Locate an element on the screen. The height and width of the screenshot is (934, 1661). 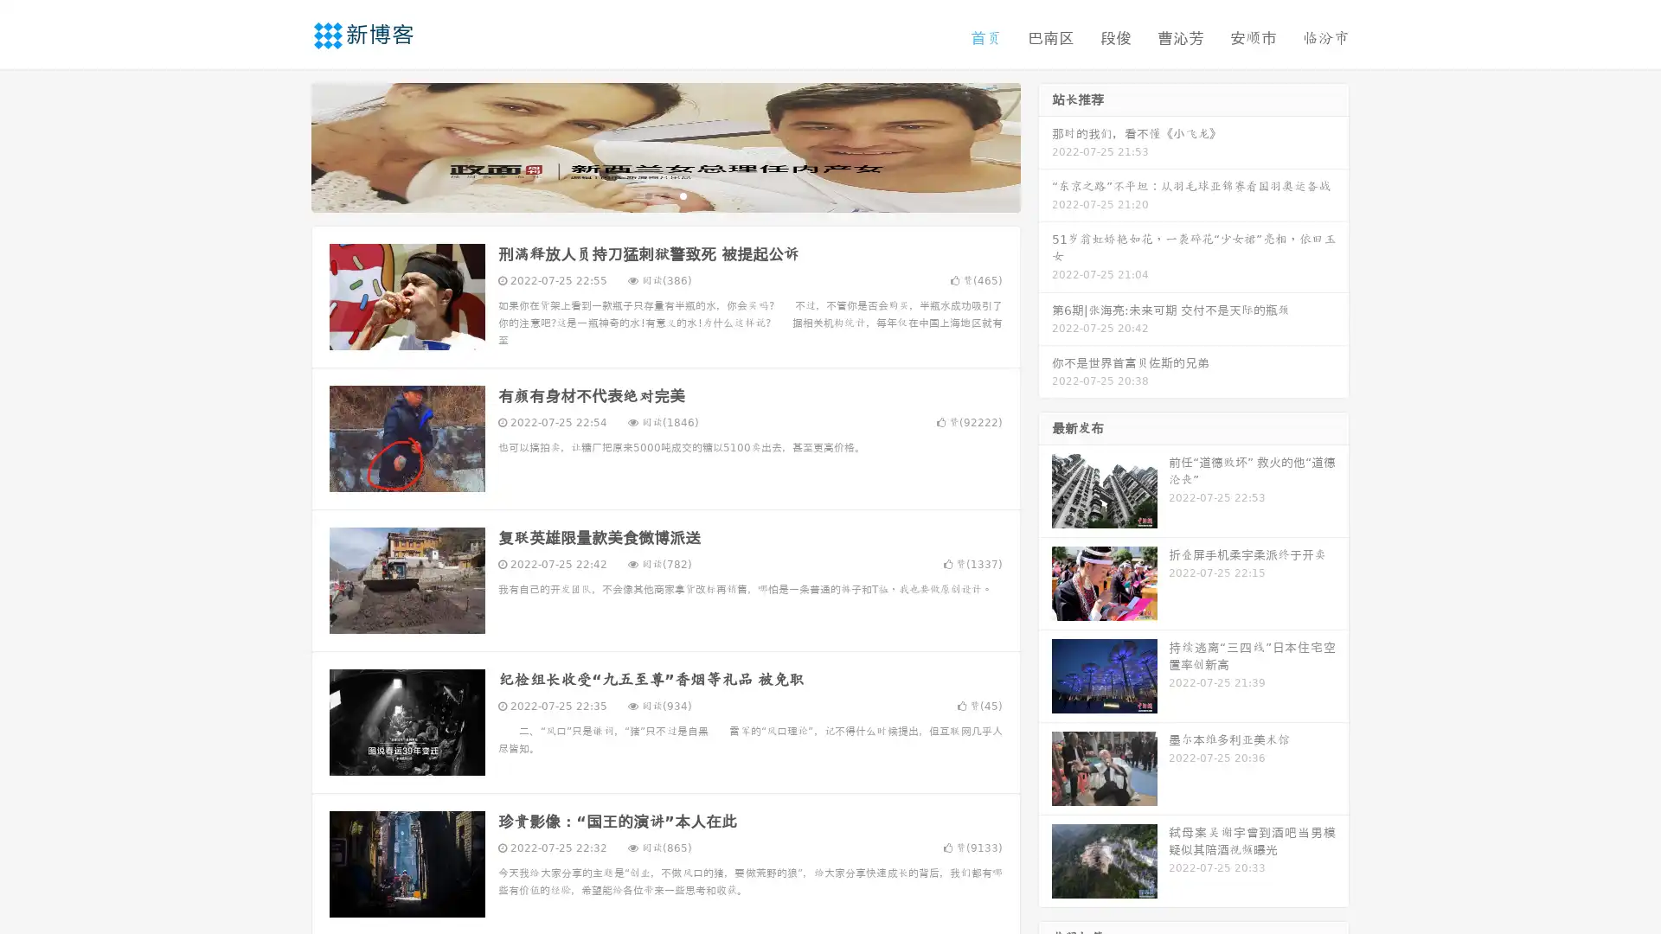
Go to slide 1 is located at coordinates (647, 195).